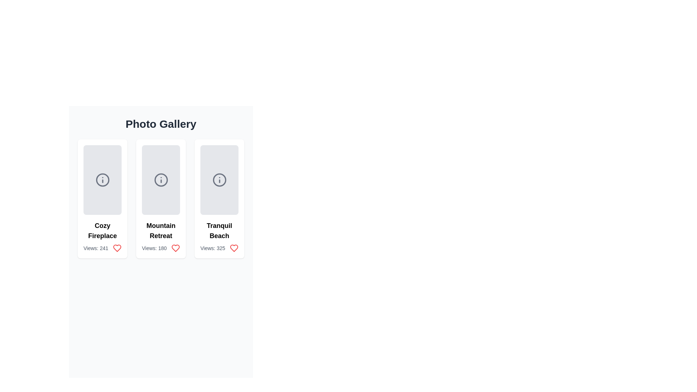 The image size is (697, 392). What do you see at coordinates (160, 124) in the screenshot?
I see `the 'Photo Gallery' header text to visualize the section's purpose` at bounding box center [160, 124].